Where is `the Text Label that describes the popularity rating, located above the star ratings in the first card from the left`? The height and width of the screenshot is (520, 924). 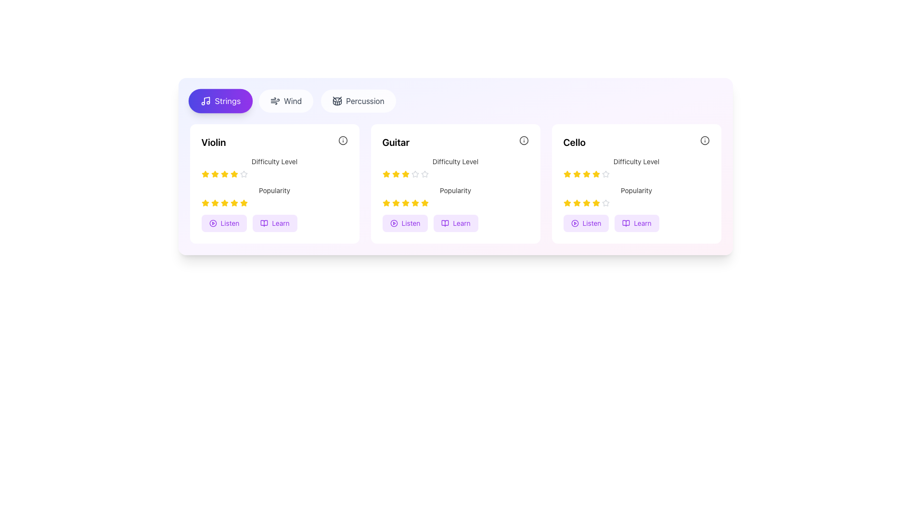 the Text Label that describes the popularity rating, located above the star ratings in the first card from the left is located at coordinates (274, 191).